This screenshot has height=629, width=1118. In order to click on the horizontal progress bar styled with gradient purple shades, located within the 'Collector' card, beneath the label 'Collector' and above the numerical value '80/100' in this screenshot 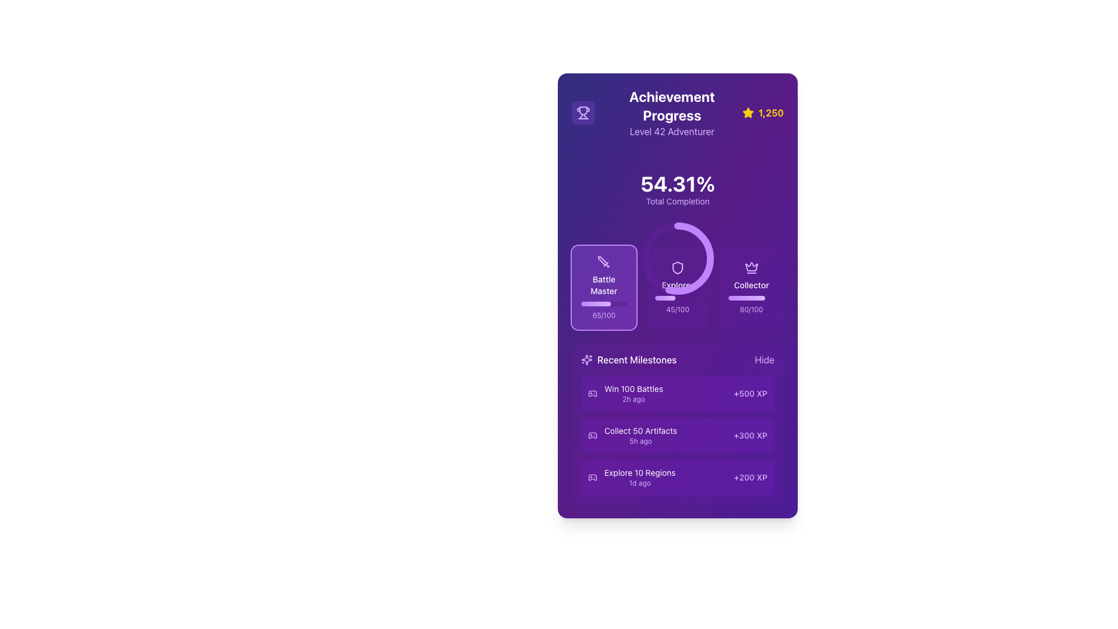, I will do `click(751, 298)`.